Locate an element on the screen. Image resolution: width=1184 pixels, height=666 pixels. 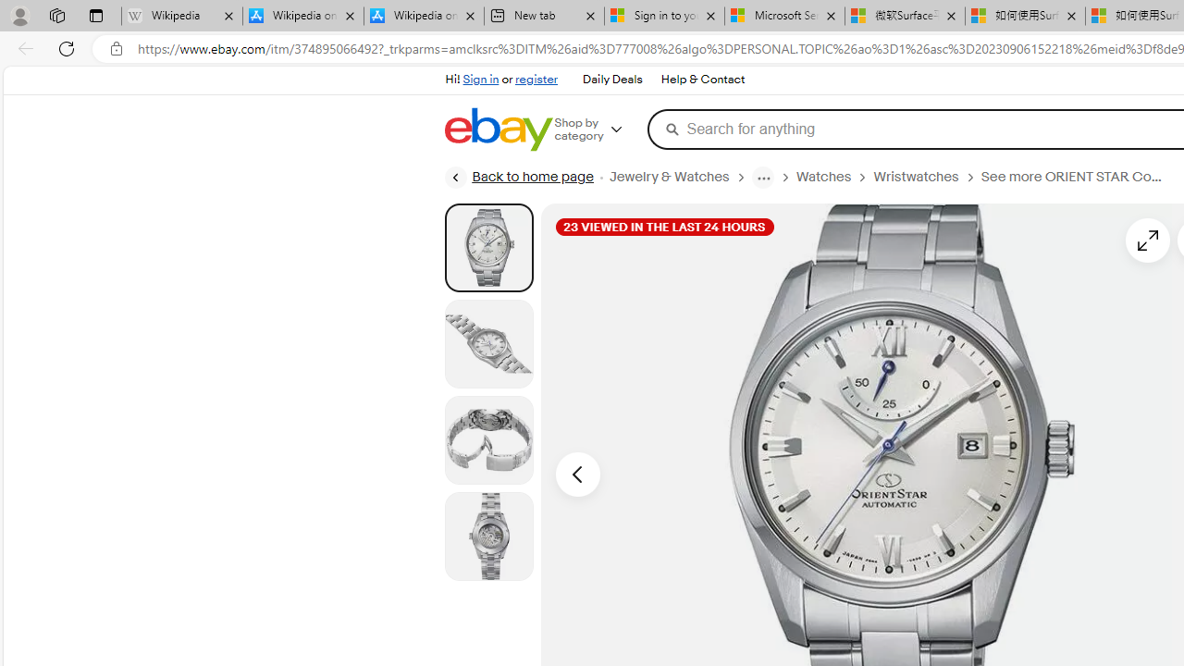
'Watches' is located at coordinates (822, 177).